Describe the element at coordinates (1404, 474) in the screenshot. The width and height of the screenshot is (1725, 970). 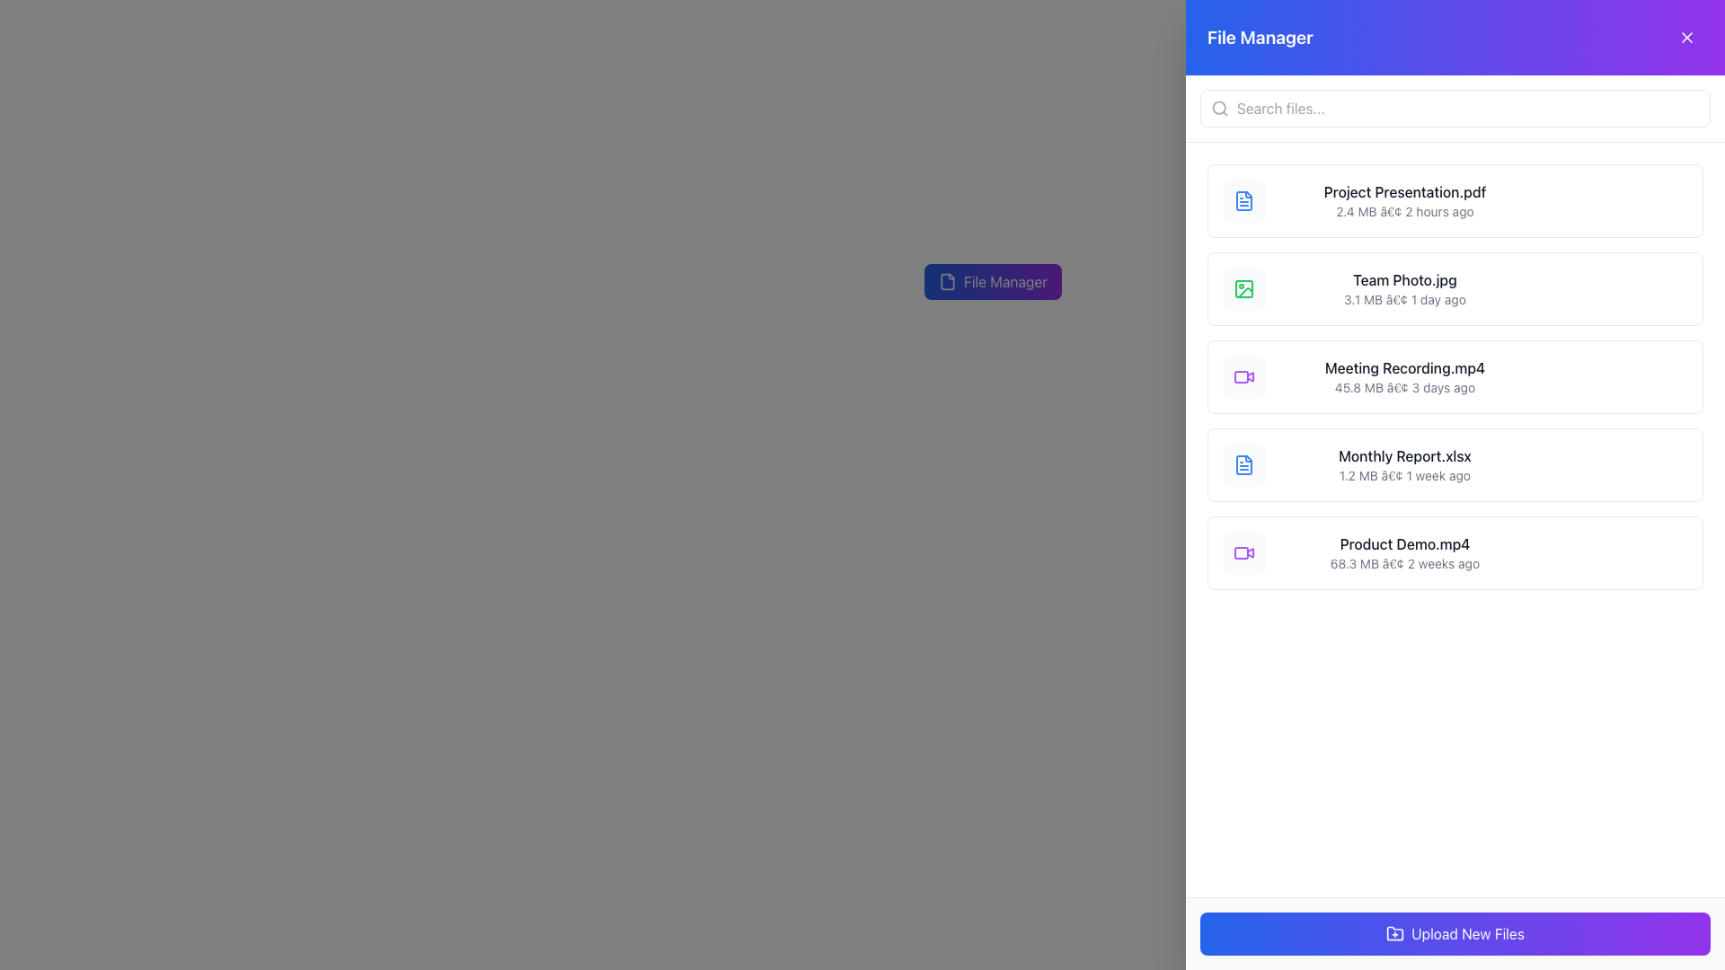
I see `the Text display element that provides details about the file 'Monthly Report.xlsx', located immediately below its file name` at that location.